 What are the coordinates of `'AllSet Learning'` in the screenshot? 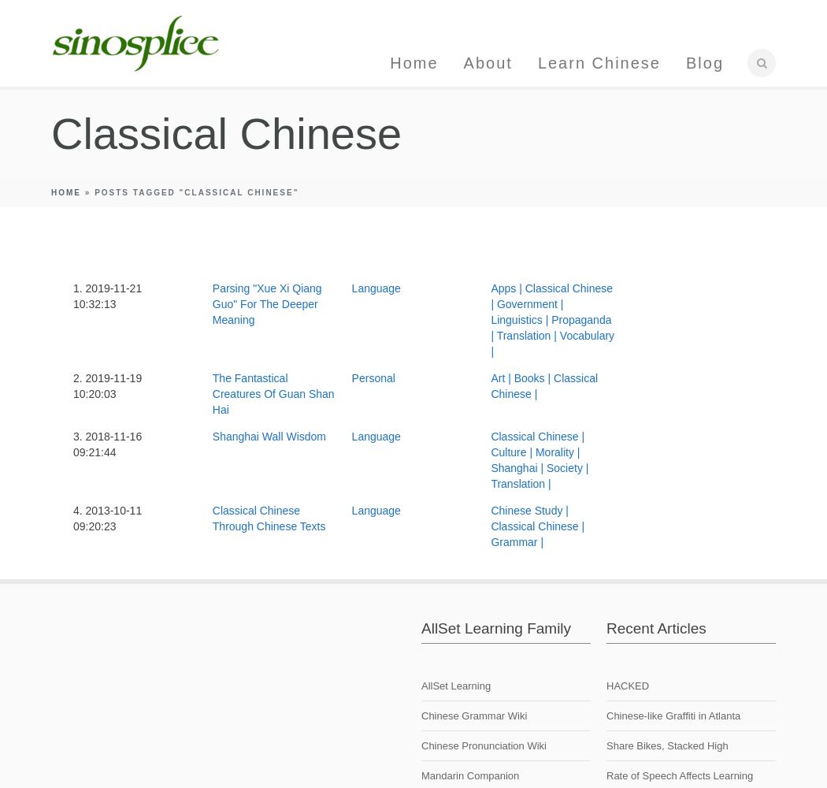 It's located at (454, 685).